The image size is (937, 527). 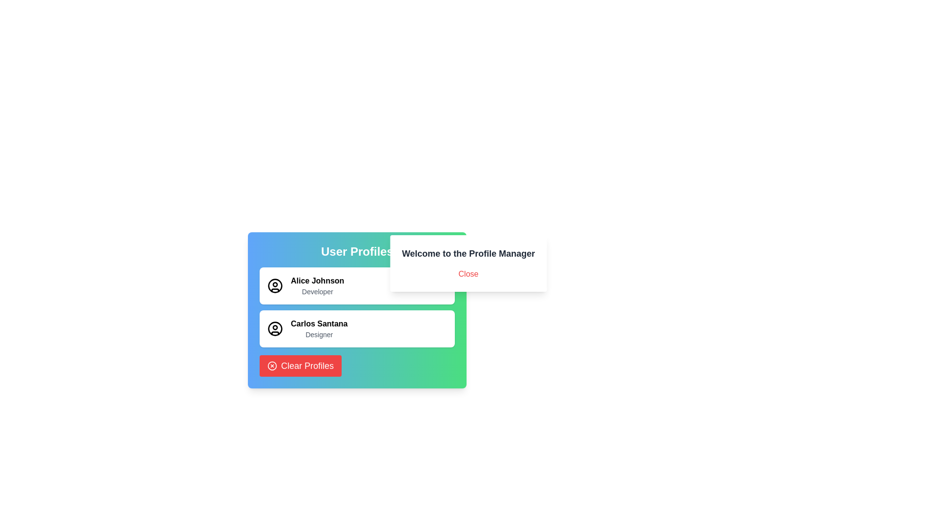 I want to click on the text label reading 'Developer' styled in a smaller gray font, which is located underneath the name 'Alice Johnson' in the first user profile card, so click(x=317, y=291).